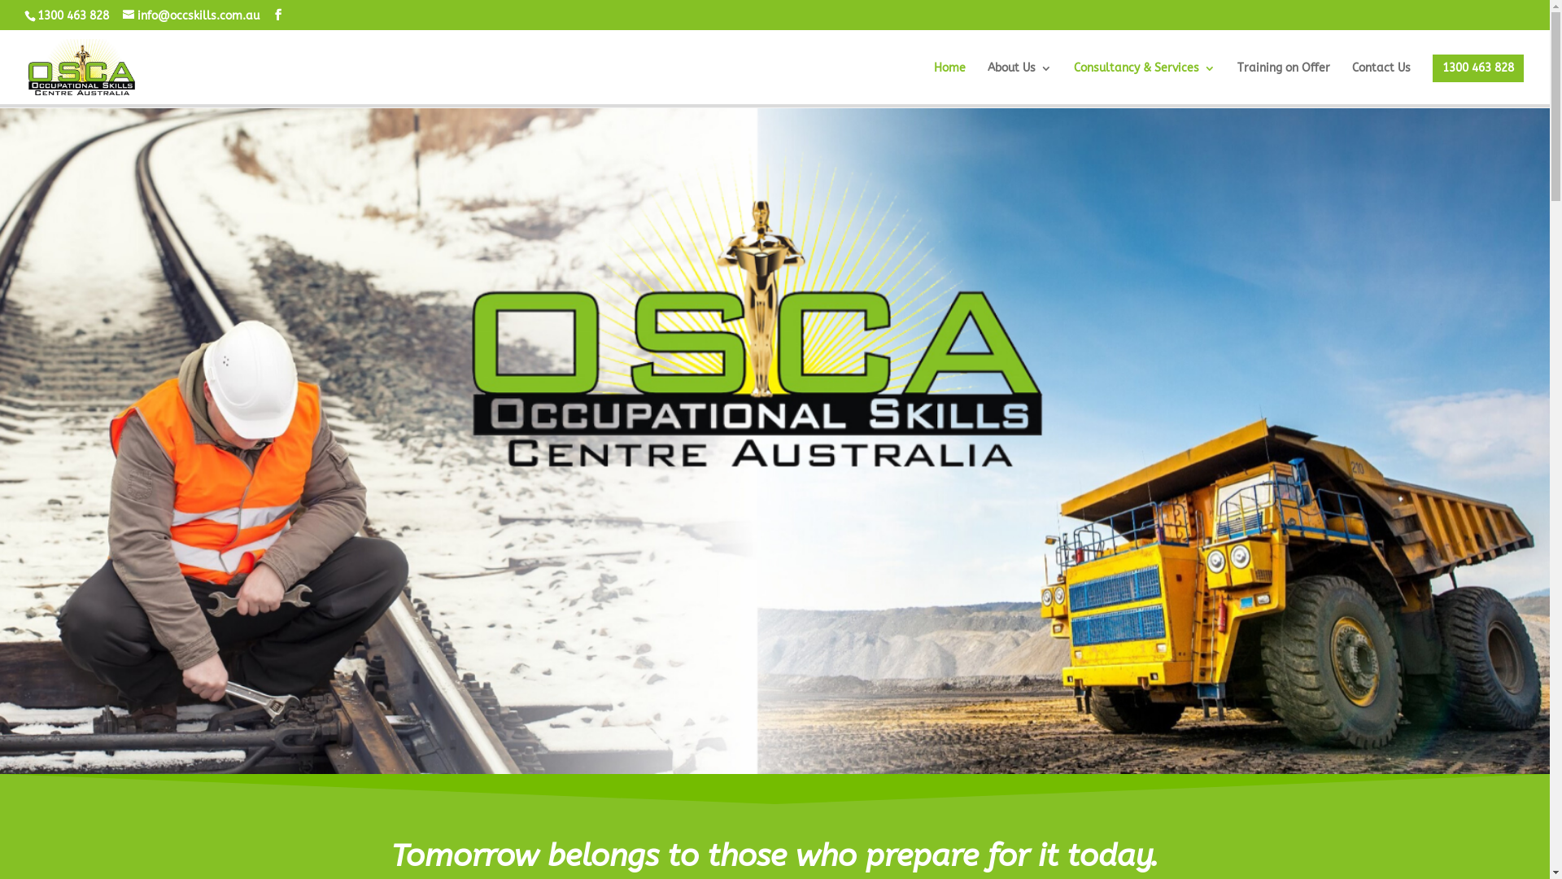  What do you see at coordinates (71, 15) in the screenshot?
I see `'1300 463 828'` at bounding box center [71, 15].